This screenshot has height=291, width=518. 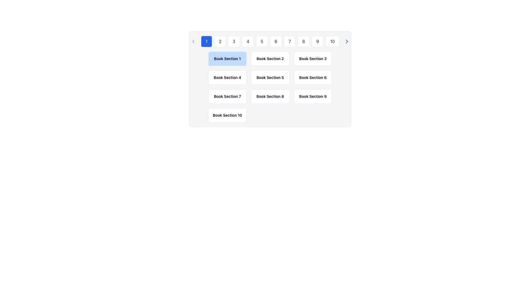 I want to click on the rectangular button labeled 'Book Section 6' with a white background and black centered text, so click(x=313, y=78).